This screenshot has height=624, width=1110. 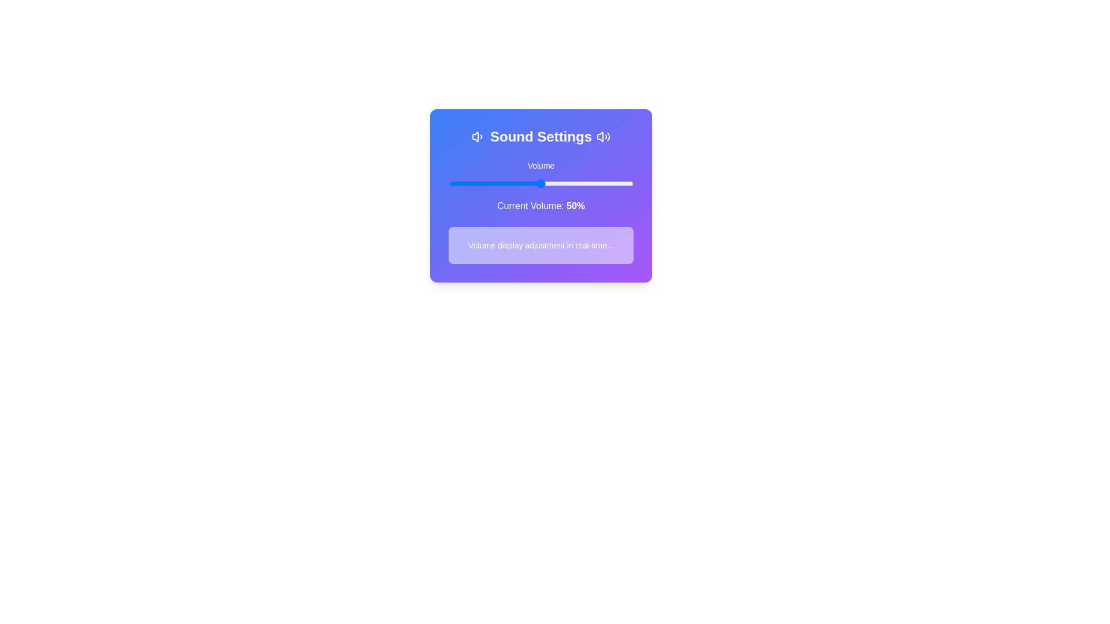 I want to click on the volume slider to set the volume to 64%, so click(x=567, y=183).